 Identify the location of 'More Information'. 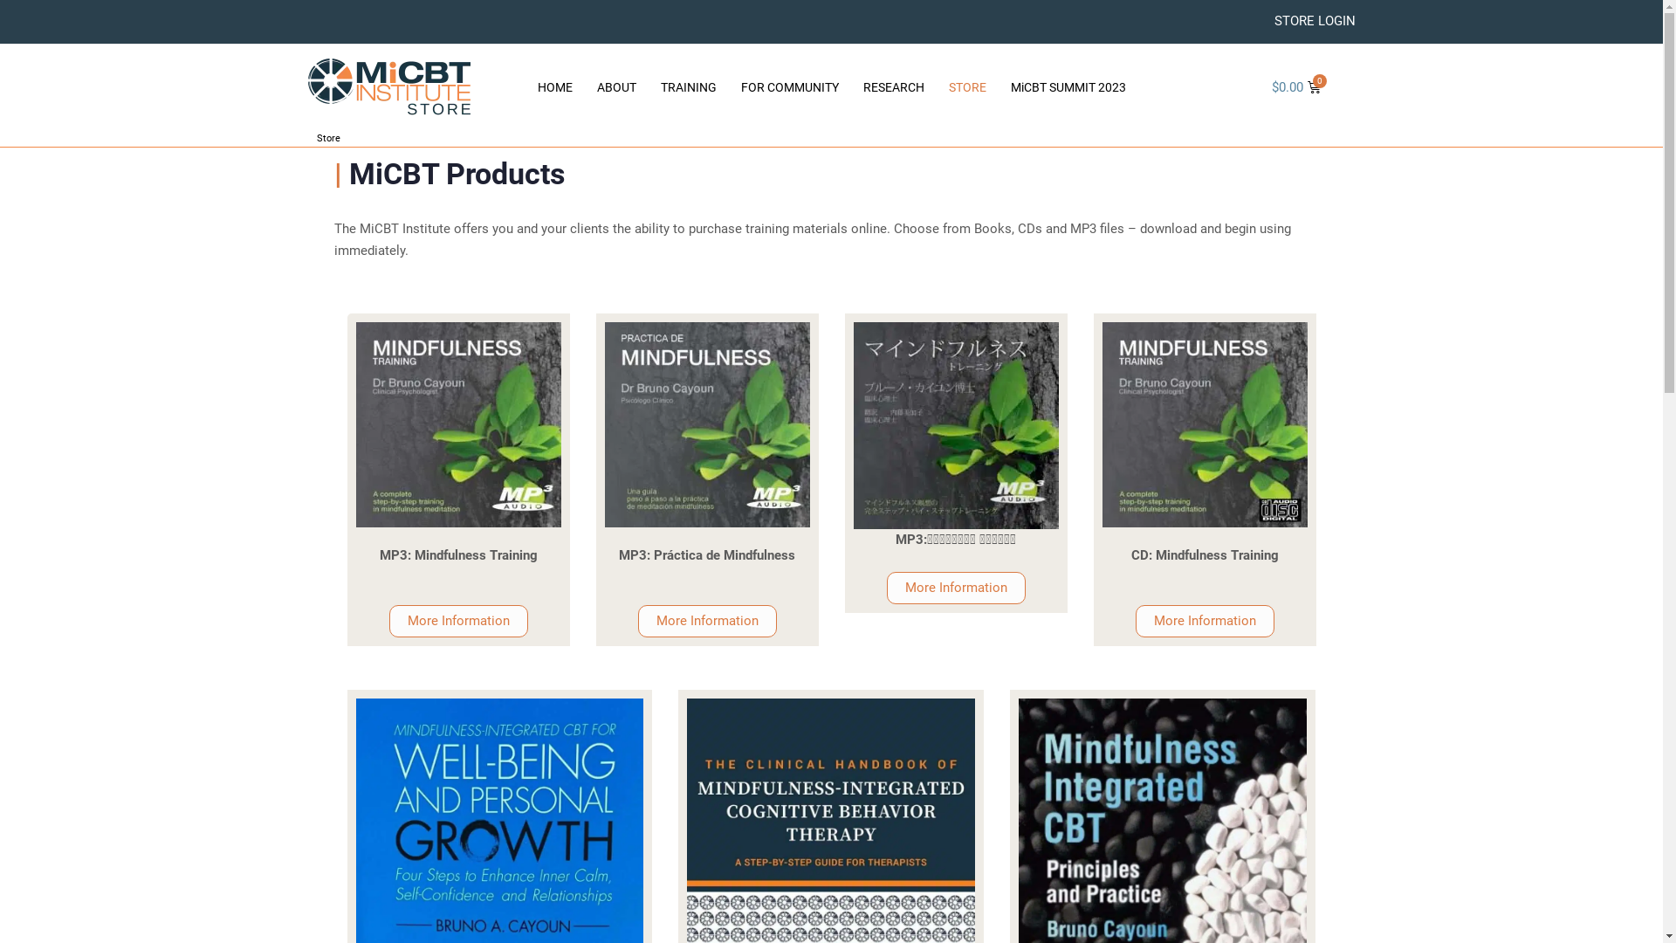
(955, 588).